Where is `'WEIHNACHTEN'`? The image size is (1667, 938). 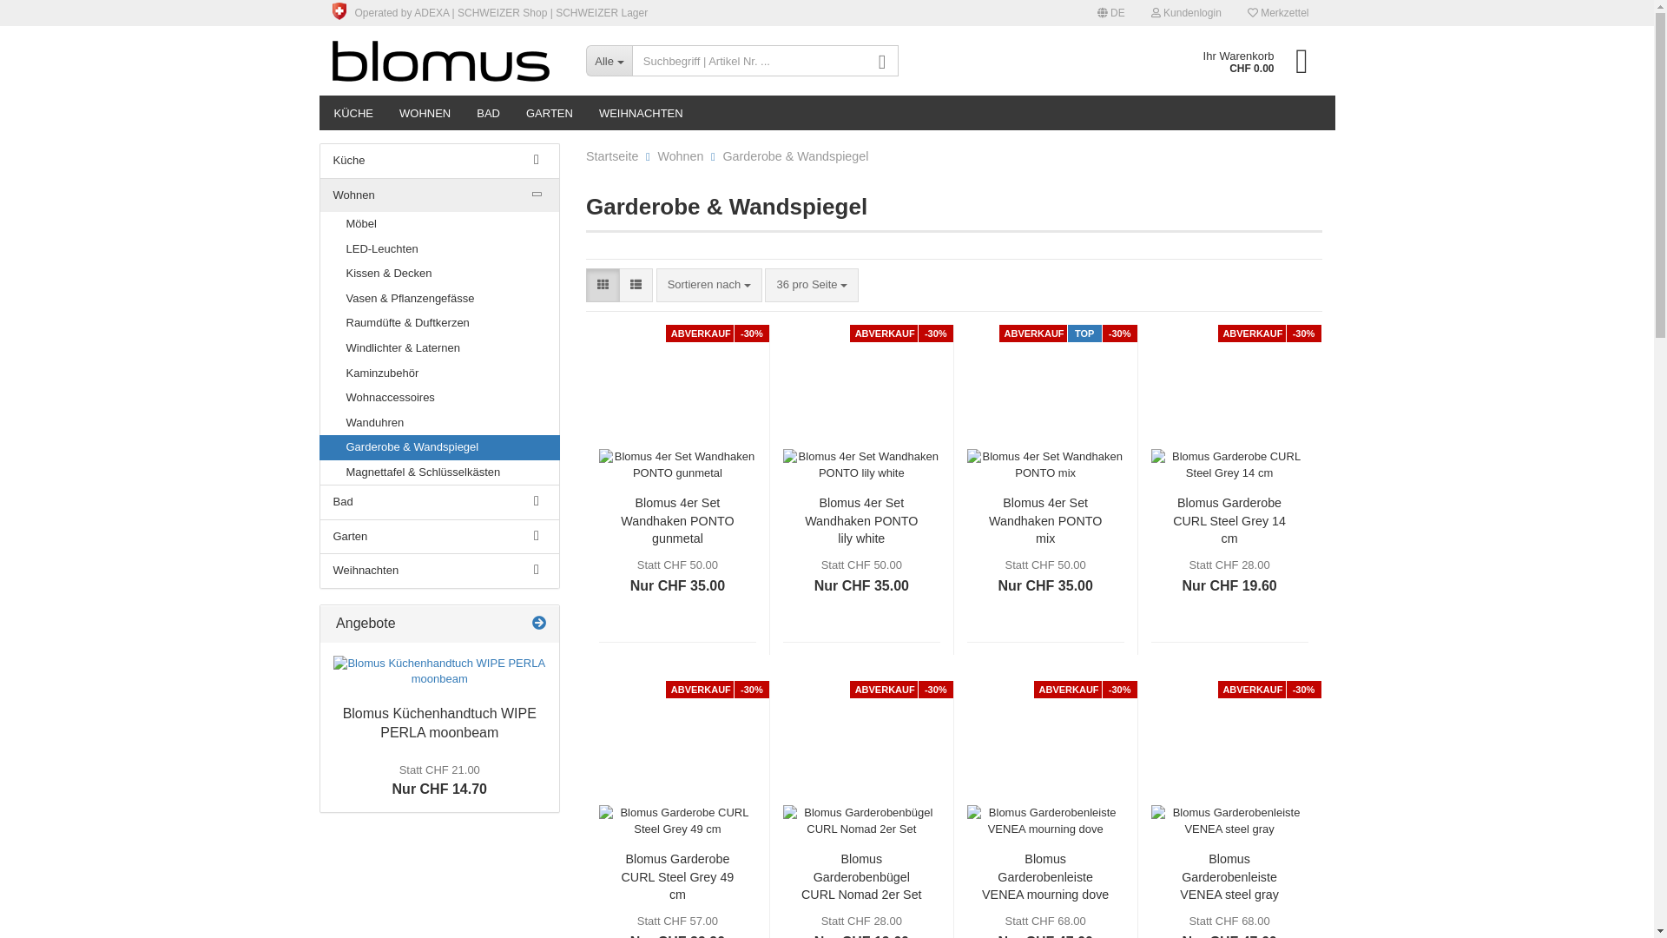
'WEIHNACHTEN' is located at coordinates (640, 113).